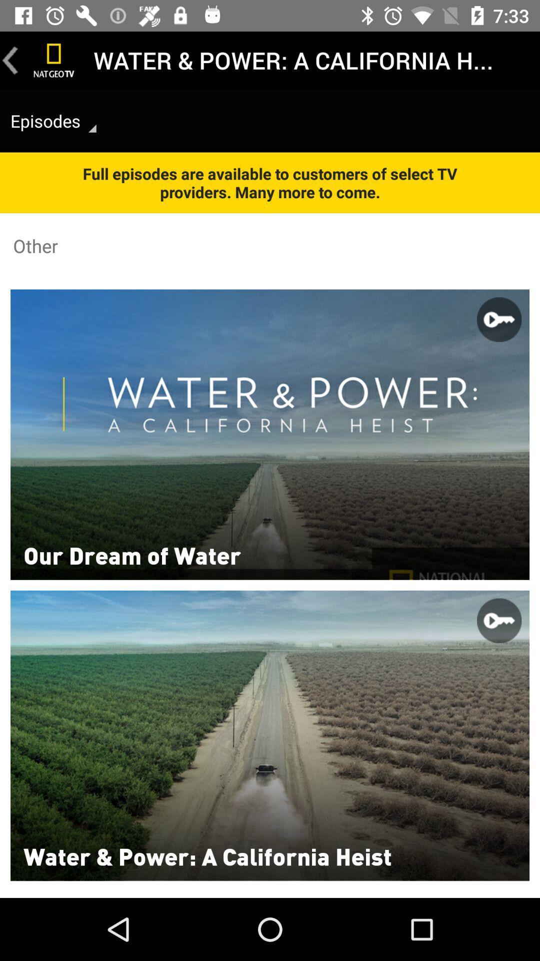 The height and width of the screenshot is (961, 540). What do you see at coordinates (270, 735) in the screenshot?
I see `the image at the bottom of the page` at bounding box center [270, 735].